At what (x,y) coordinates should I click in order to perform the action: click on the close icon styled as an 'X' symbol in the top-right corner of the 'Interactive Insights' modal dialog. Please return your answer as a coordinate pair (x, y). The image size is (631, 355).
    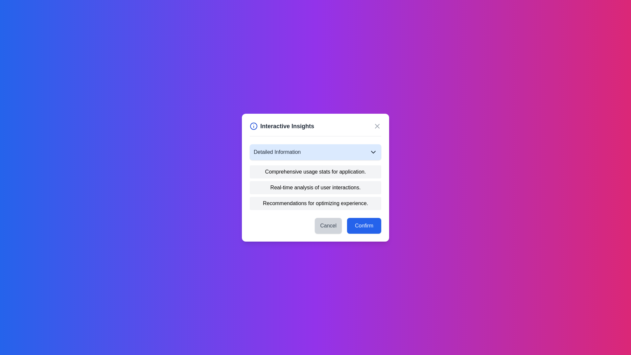
    Looking at the image, I should click on (377, 126).